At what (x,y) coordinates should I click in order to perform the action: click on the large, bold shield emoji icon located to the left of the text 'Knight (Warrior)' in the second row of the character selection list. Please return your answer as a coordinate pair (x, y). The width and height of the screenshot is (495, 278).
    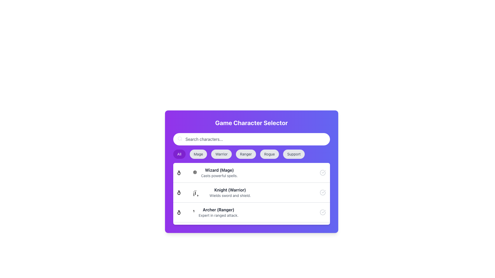
    Looking at the image, I should click on (191, 193).